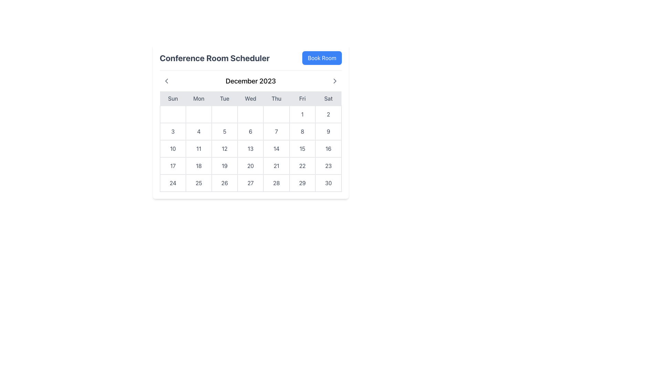  Describe the element at coordinates (224, 148) in the screenshot. I see `the selectable calendar date button labeled '12'` at that location.